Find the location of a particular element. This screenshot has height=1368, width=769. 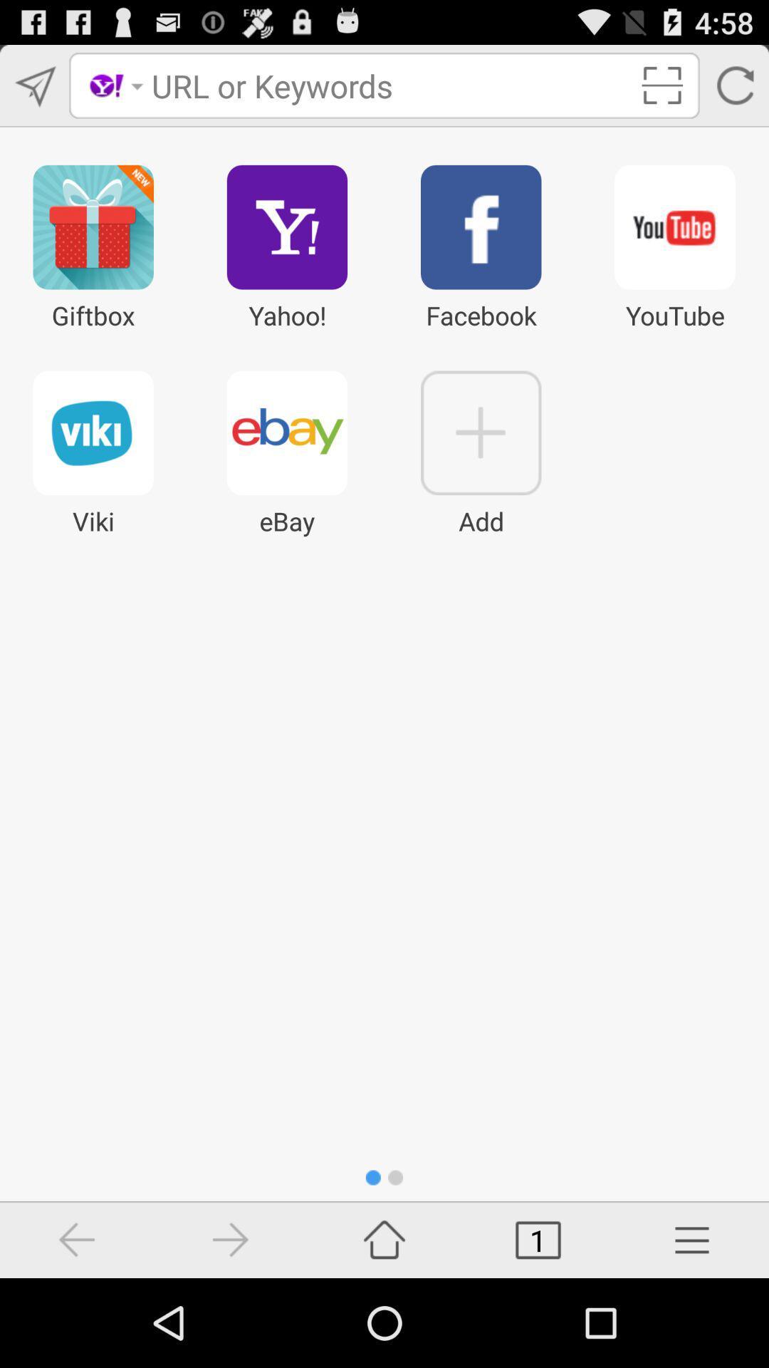

type in search is located at coordinates (389, 85).